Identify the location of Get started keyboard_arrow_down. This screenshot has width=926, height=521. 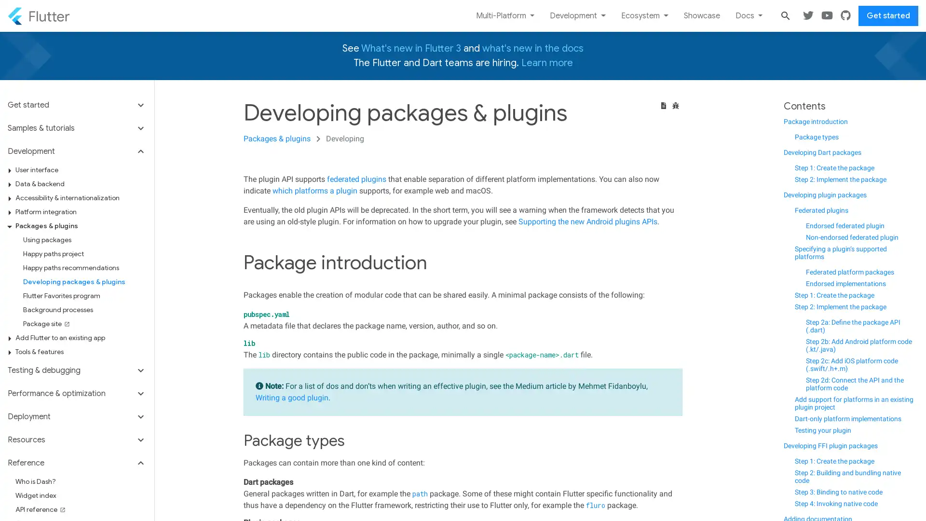
(76, 108).